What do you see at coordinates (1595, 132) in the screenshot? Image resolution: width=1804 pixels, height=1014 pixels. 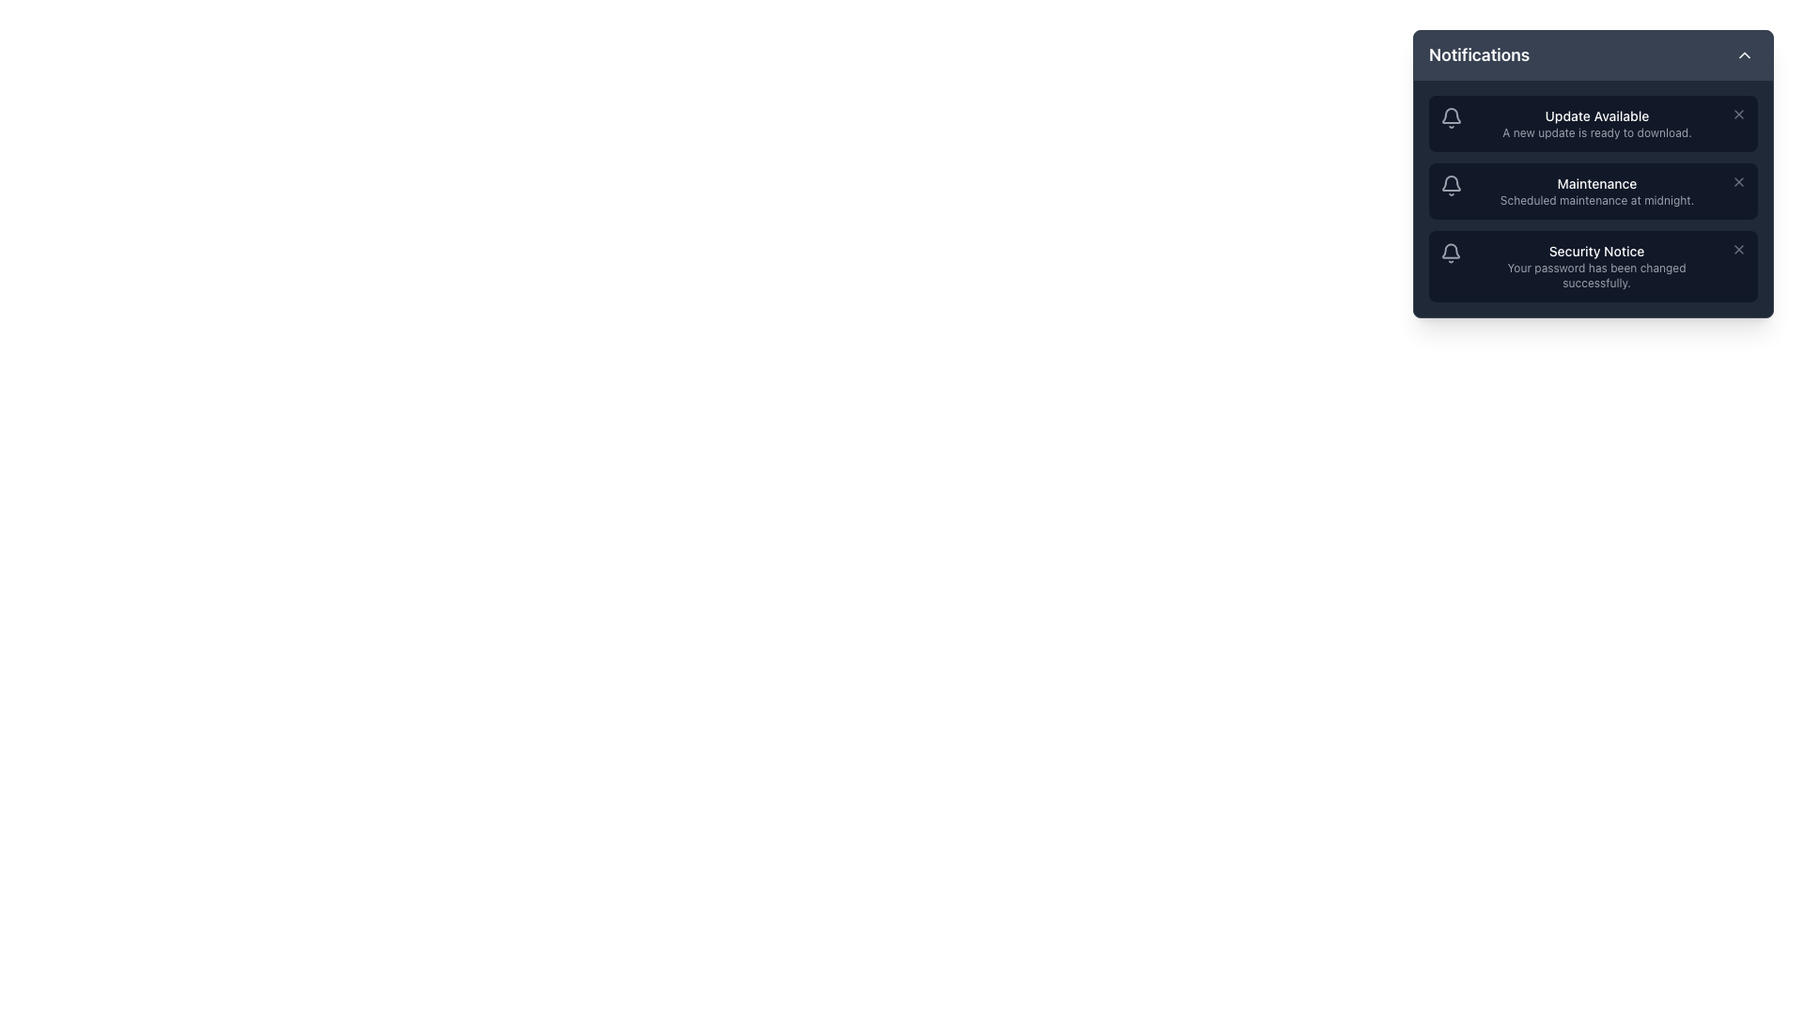 I see `the text label displaying 'A new update is ready to download.' which is located below the header 'Update Available' in the notification panel` at bounding box center [1595, 132].